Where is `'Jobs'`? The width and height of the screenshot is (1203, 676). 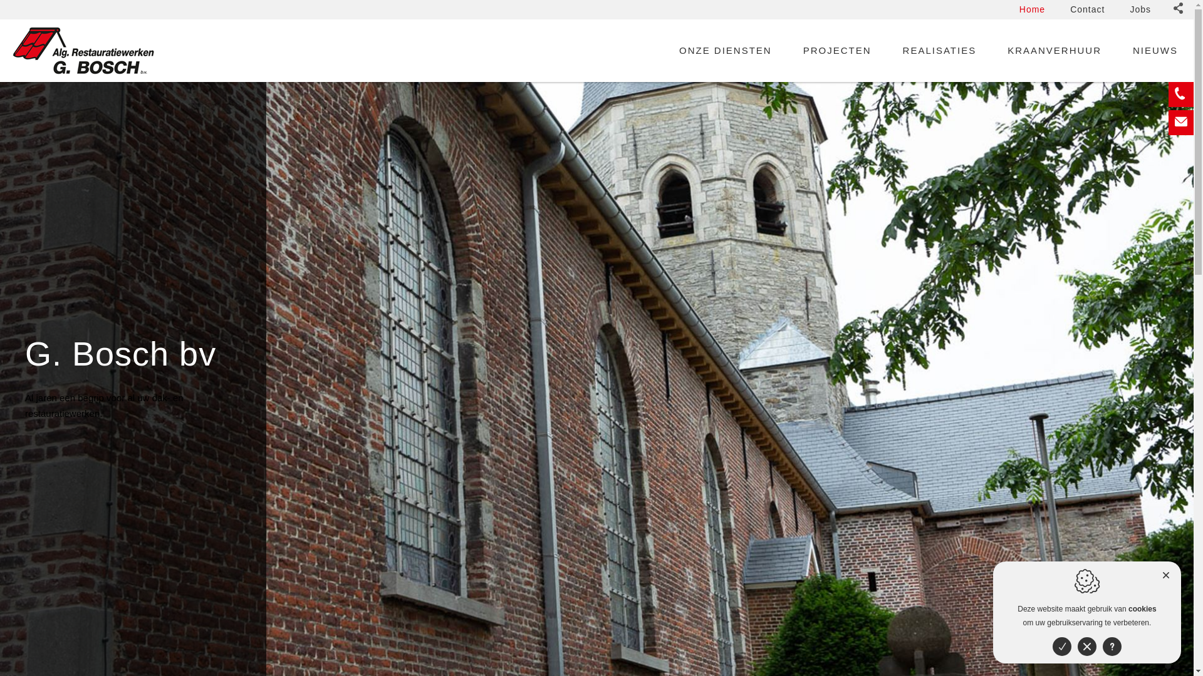
'Jobs' is located at coordinates (1140, 9).